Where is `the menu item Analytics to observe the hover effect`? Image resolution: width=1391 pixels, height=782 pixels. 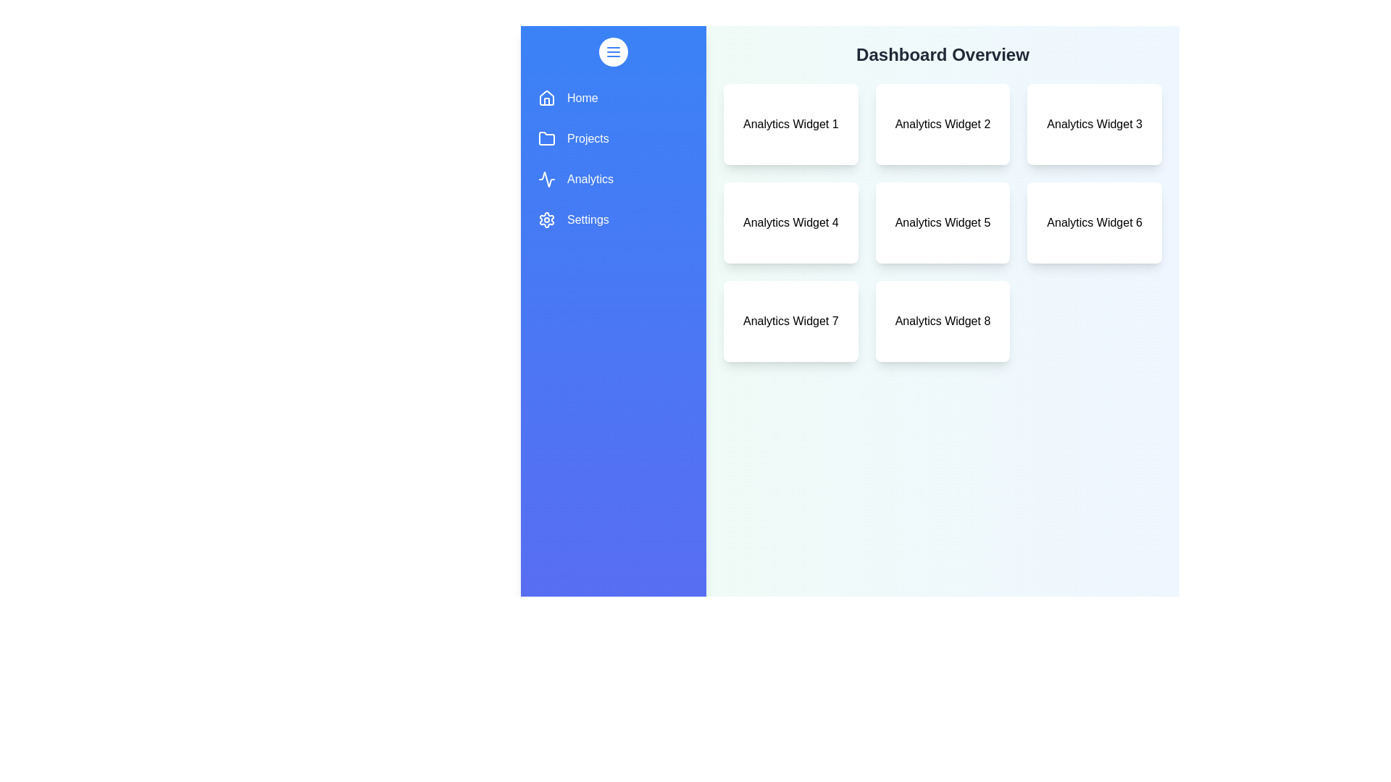
the menu item Analytics to observe the hover effect is located at coordinates (613, 178).